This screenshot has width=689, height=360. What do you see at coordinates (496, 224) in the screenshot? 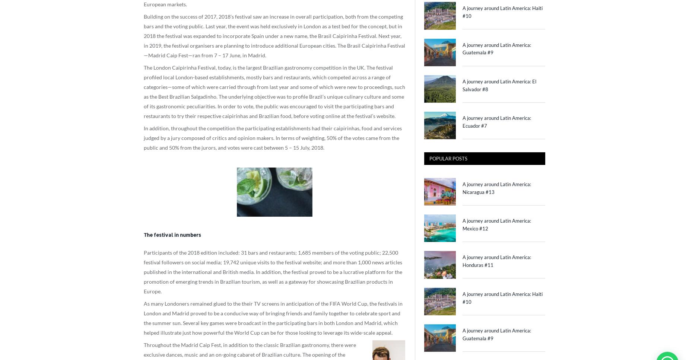
I see `'A journey around Latin America: Mexico #12'` at bounding box center [496, 224].